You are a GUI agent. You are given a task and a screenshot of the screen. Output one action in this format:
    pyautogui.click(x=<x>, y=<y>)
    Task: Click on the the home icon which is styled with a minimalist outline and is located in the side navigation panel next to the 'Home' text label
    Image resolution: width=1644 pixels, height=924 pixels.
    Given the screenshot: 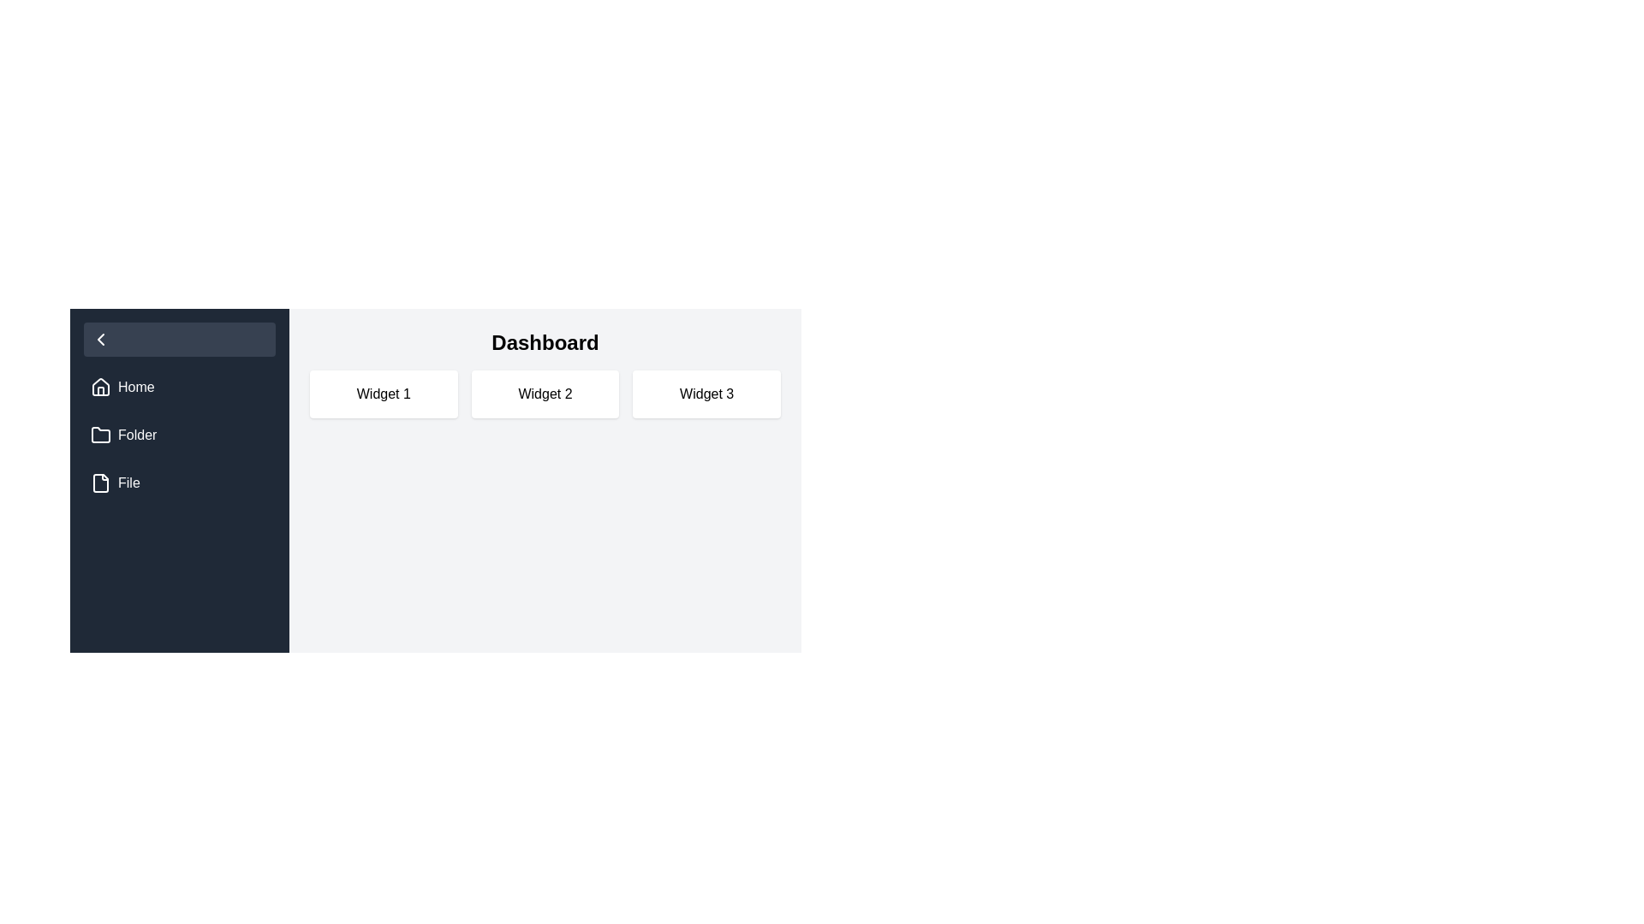 What is the action you would take?
    pyautogui.click(x=100, y=386)
    